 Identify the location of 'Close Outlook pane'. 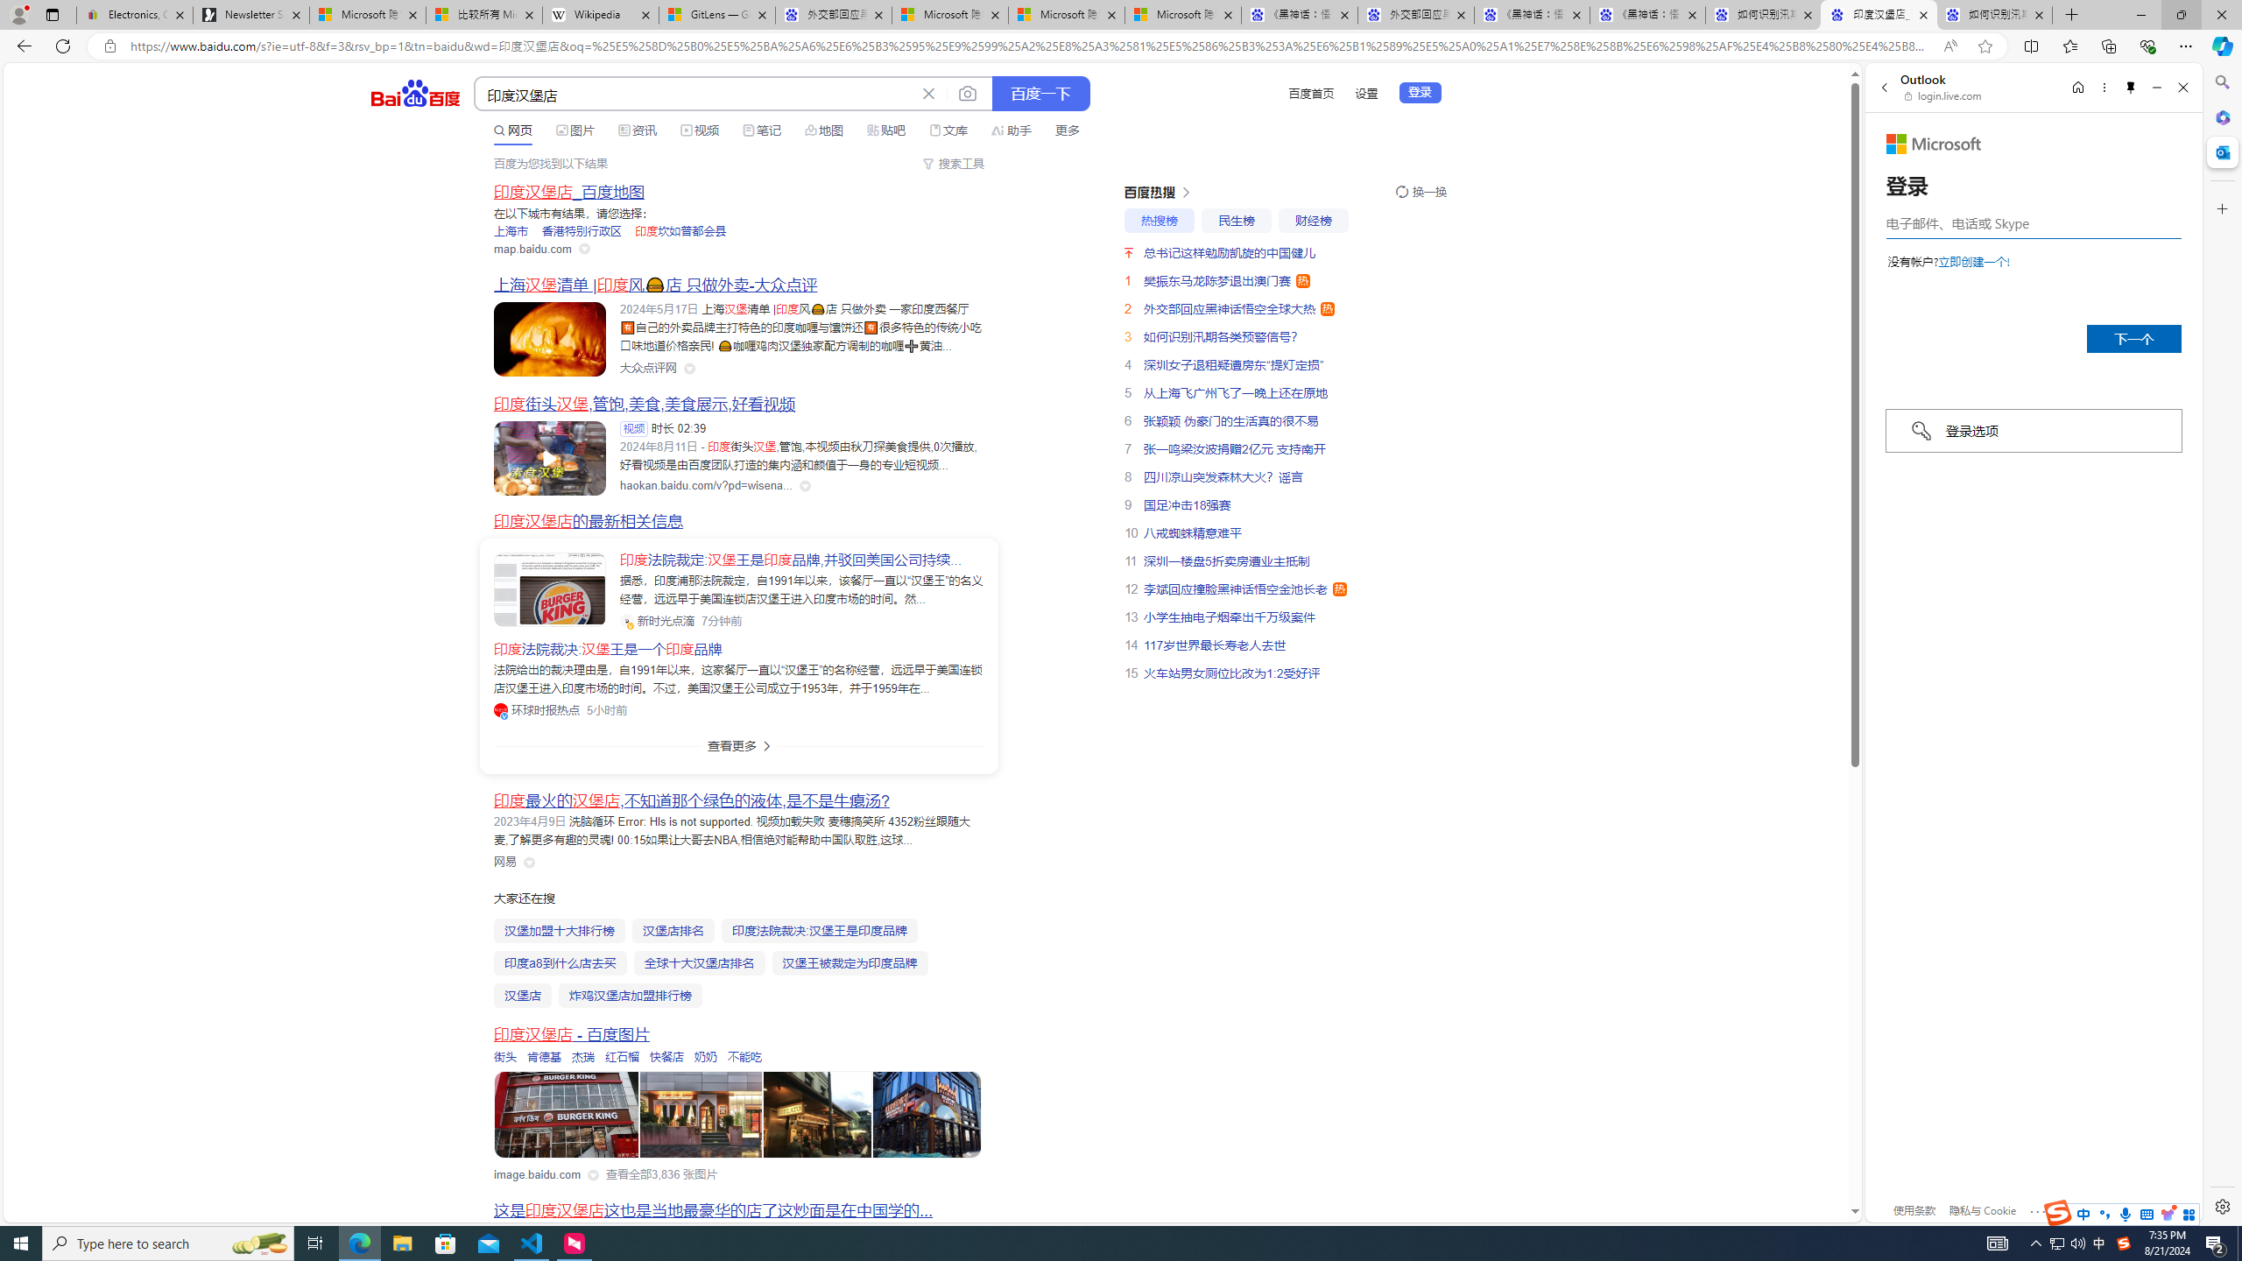
(2220, 151).